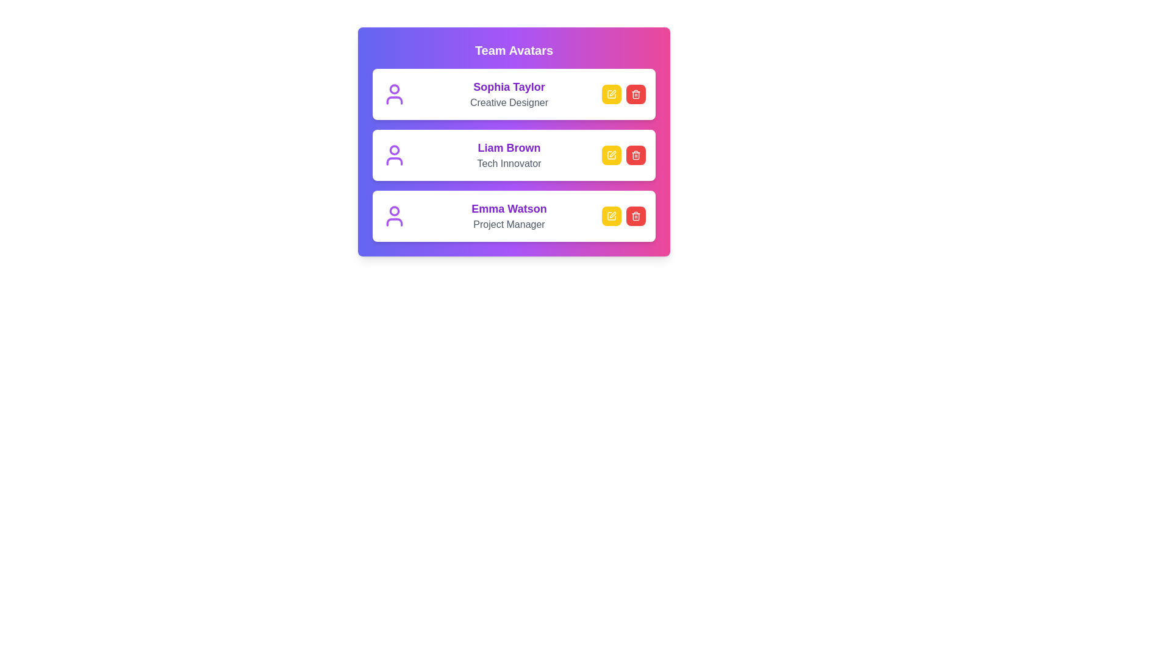 The height and width of the screenshot is (658, 1171). I want to click on the user avatar icon for 'Liam Brown' located in the second row of the 'Team Avatars' list, so click(395, 161).